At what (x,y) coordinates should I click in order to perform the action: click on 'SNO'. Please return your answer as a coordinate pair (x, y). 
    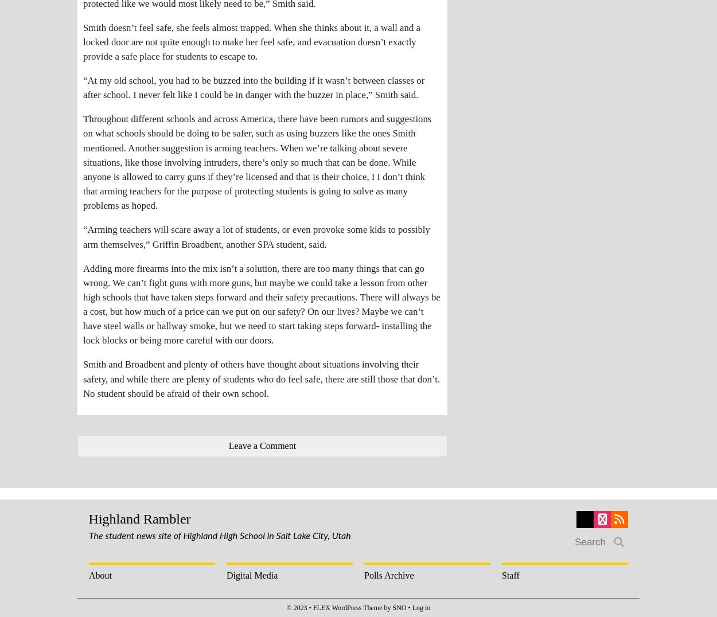
    Looking at the image, I should click on (399, 607).